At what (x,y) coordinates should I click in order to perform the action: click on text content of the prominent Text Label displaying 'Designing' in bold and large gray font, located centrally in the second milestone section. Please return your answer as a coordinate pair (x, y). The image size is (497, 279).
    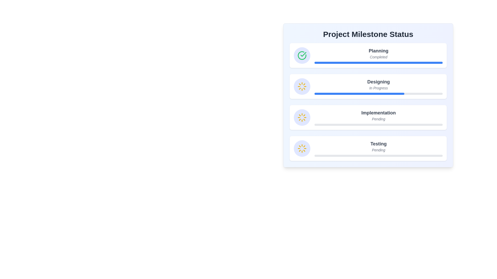
    Looking at the image, I should click on (378, 81).